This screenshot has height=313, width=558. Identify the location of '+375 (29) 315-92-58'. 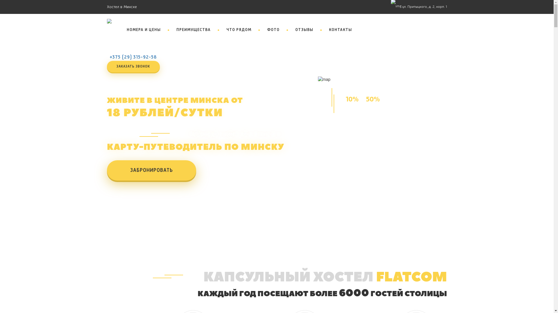
(133, 57).